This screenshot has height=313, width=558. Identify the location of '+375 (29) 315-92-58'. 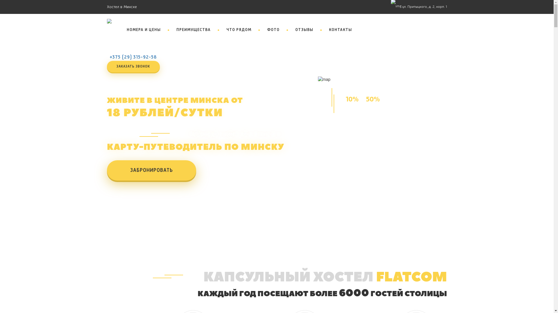
(133, 57).